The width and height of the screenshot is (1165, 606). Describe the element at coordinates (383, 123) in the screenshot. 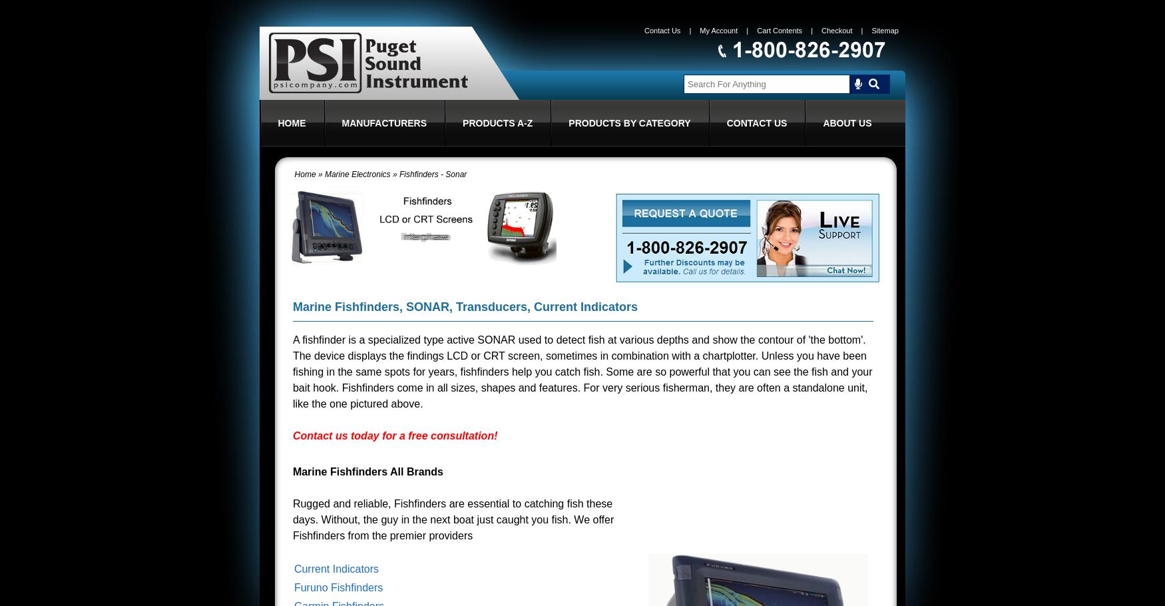

I see `'MANUFACTURERS'` at that location.